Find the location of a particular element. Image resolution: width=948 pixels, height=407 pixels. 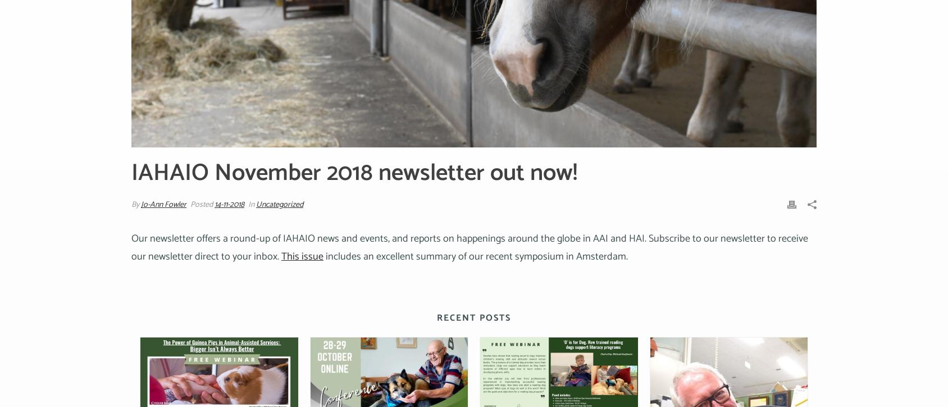

'Uncategorized' is located at coordinates (279, 205).